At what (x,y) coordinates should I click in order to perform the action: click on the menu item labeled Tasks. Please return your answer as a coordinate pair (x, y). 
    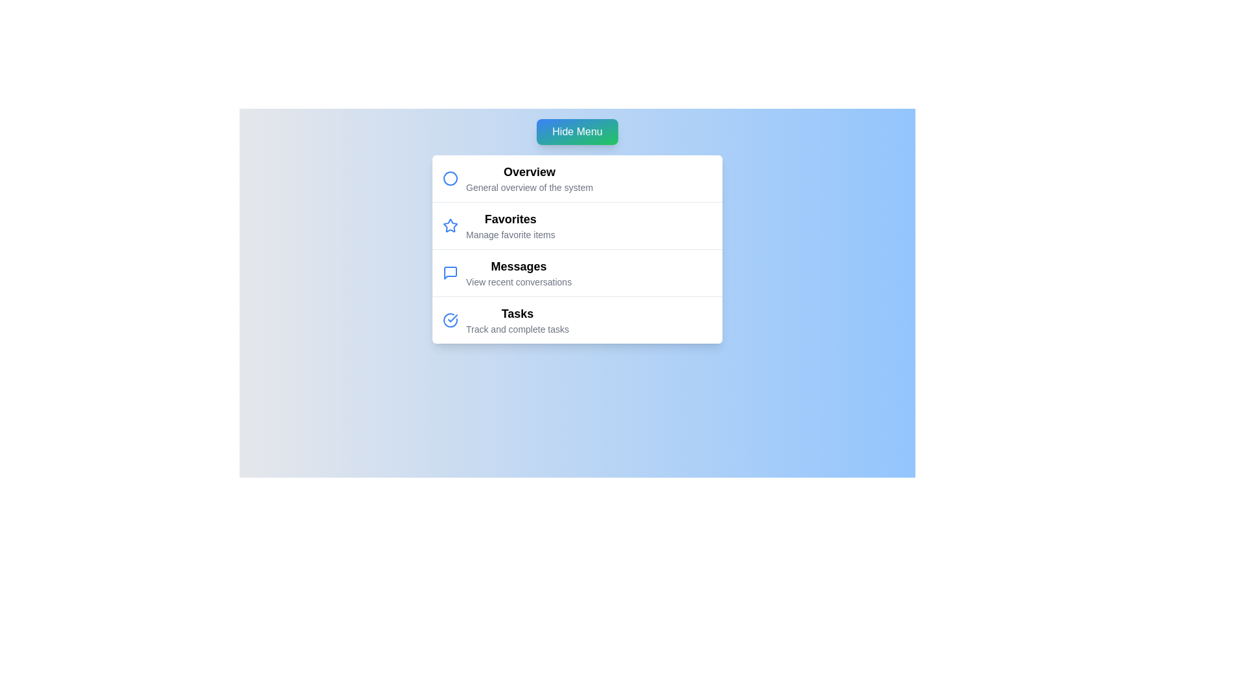
    Looking at the image, I should click on (517, 314).